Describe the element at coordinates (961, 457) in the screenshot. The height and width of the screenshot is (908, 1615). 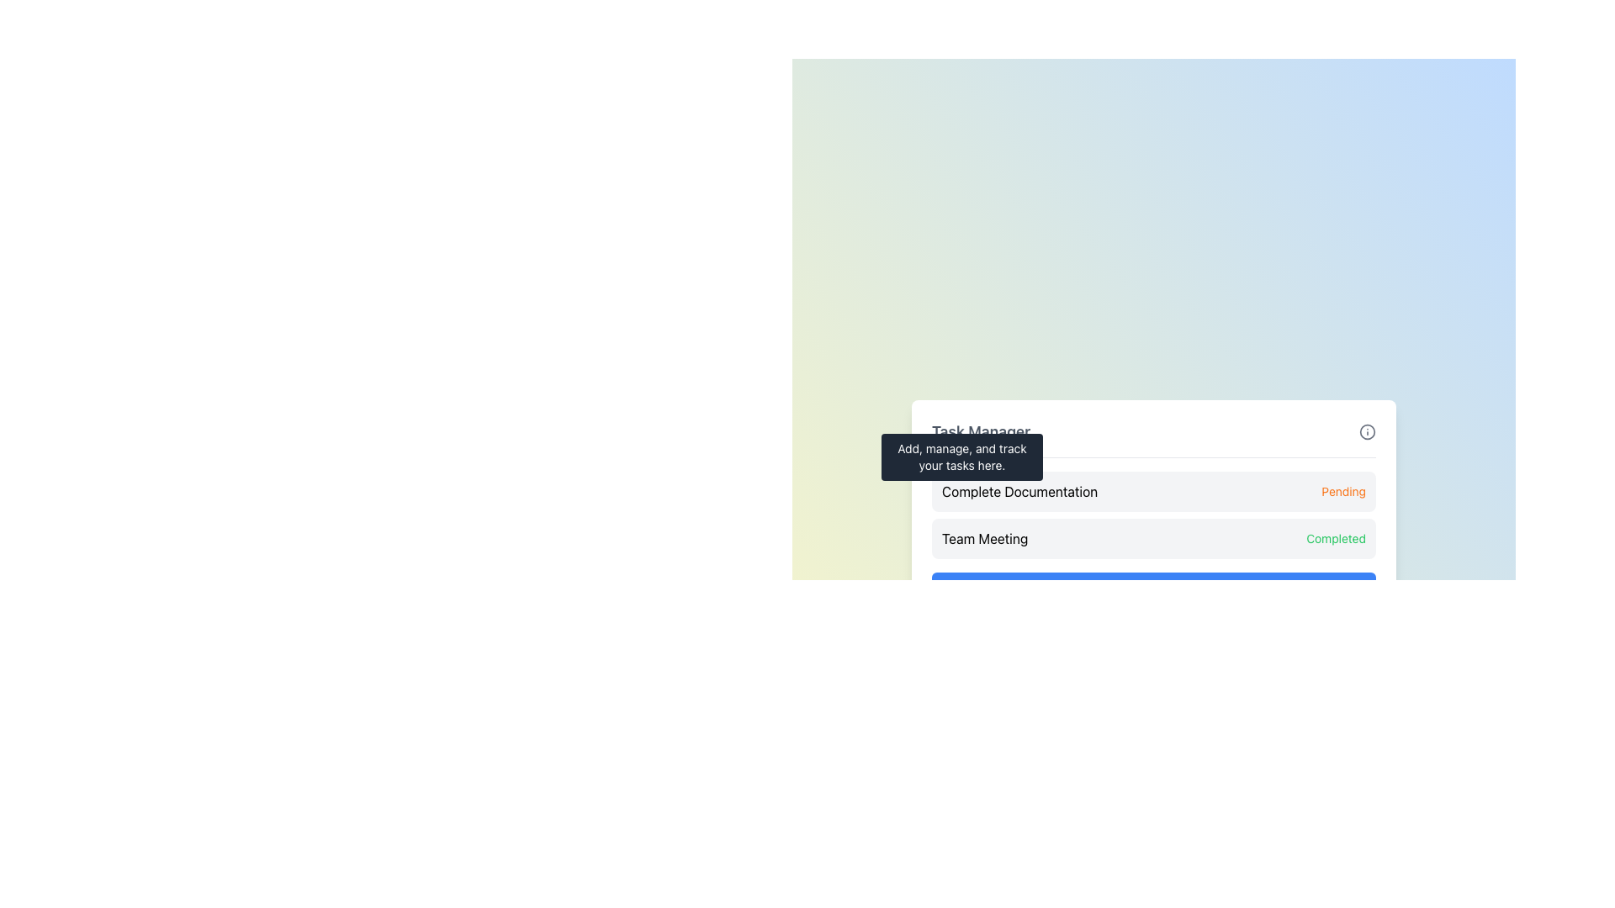
I see `tooltip text 'Add, manage, and track your tasks here.' which is a rectangular tooltip with a dark gray background and white text, located above and slightly to the left of an icon` at that location.